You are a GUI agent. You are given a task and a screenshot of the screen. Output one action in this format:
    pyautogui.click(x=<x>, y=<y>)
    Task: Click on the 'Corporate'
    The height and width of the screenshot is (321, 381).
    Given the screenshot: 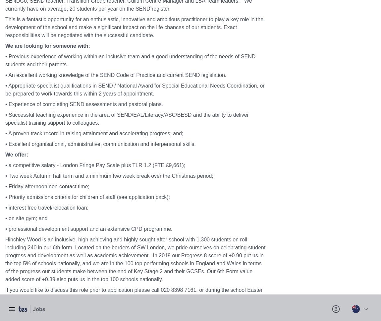 What is the action you would take?
    pyautogui.click(x=118, y=248)
    